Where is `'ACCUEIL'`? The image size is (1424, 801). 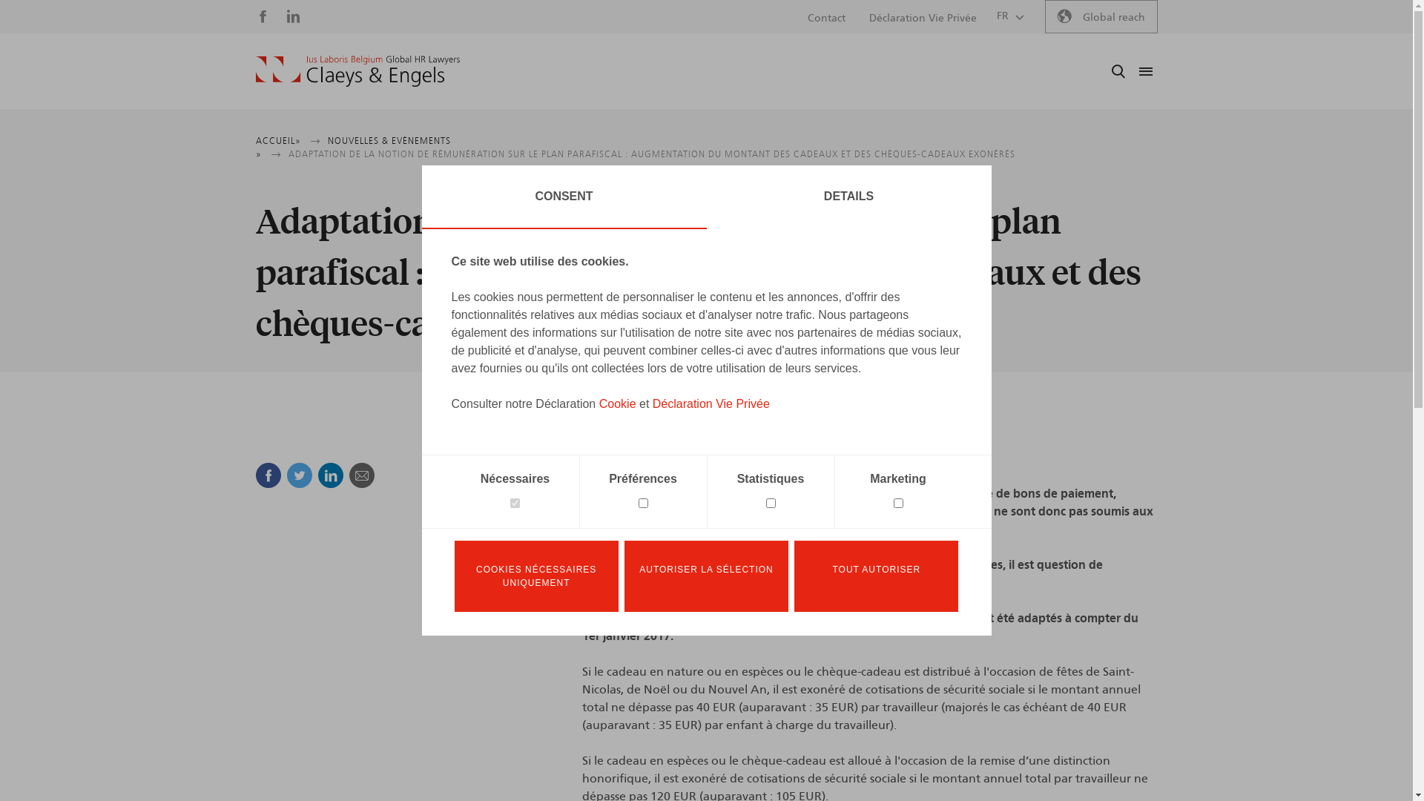
'ACCUEIL' is located at coordinates (274, 140).